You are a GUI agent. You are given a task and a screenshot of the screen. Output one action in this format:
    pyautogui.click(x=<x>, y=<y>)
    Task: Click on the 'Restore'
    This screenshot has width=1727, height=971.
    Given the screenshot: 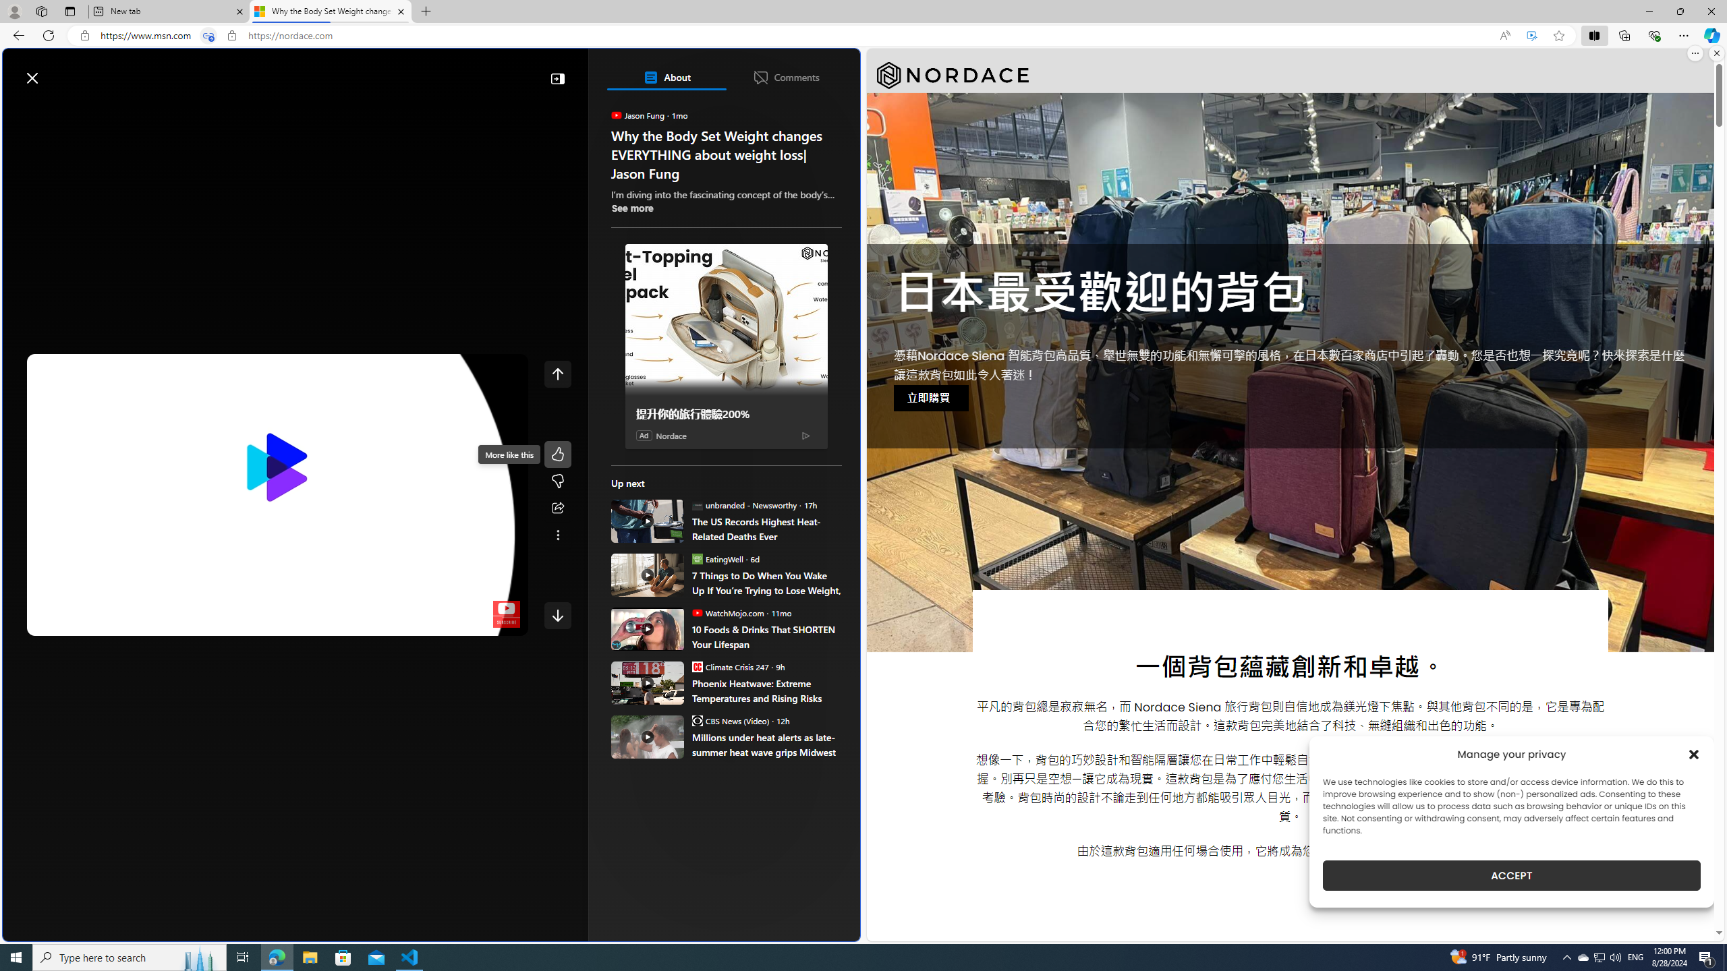 What is the action you would take?
    pyautogui.click(x=1680, y=11)
    